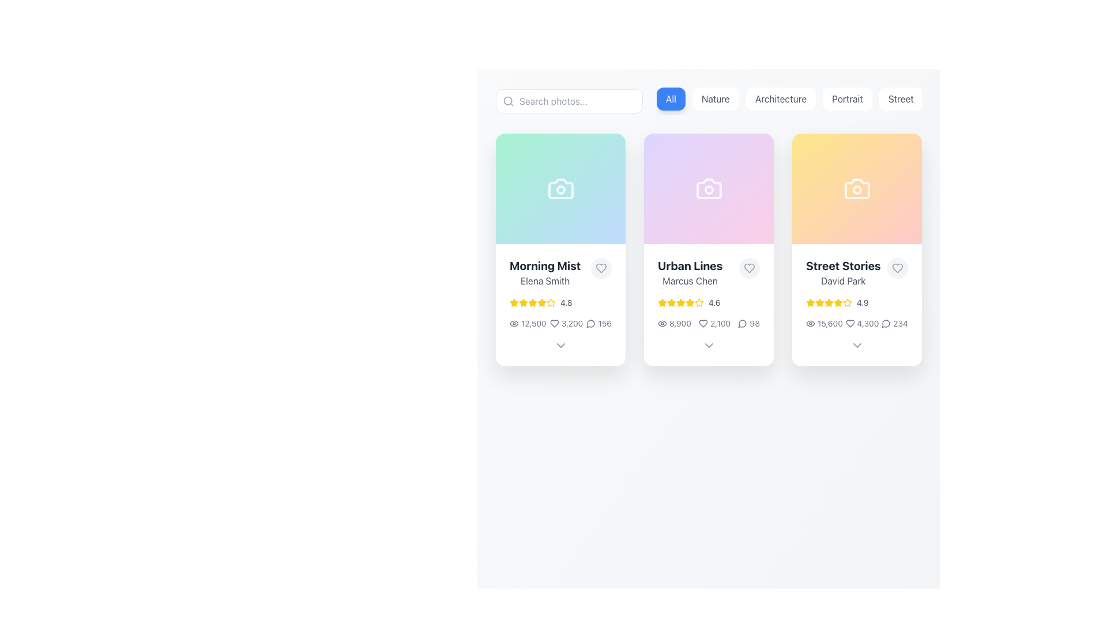  Describe the element at coordinates (850, 324) in the screenshot. I see `the heart-shaped icon in the top-right corner of the 'Street Stories, David Park' card` at that location.